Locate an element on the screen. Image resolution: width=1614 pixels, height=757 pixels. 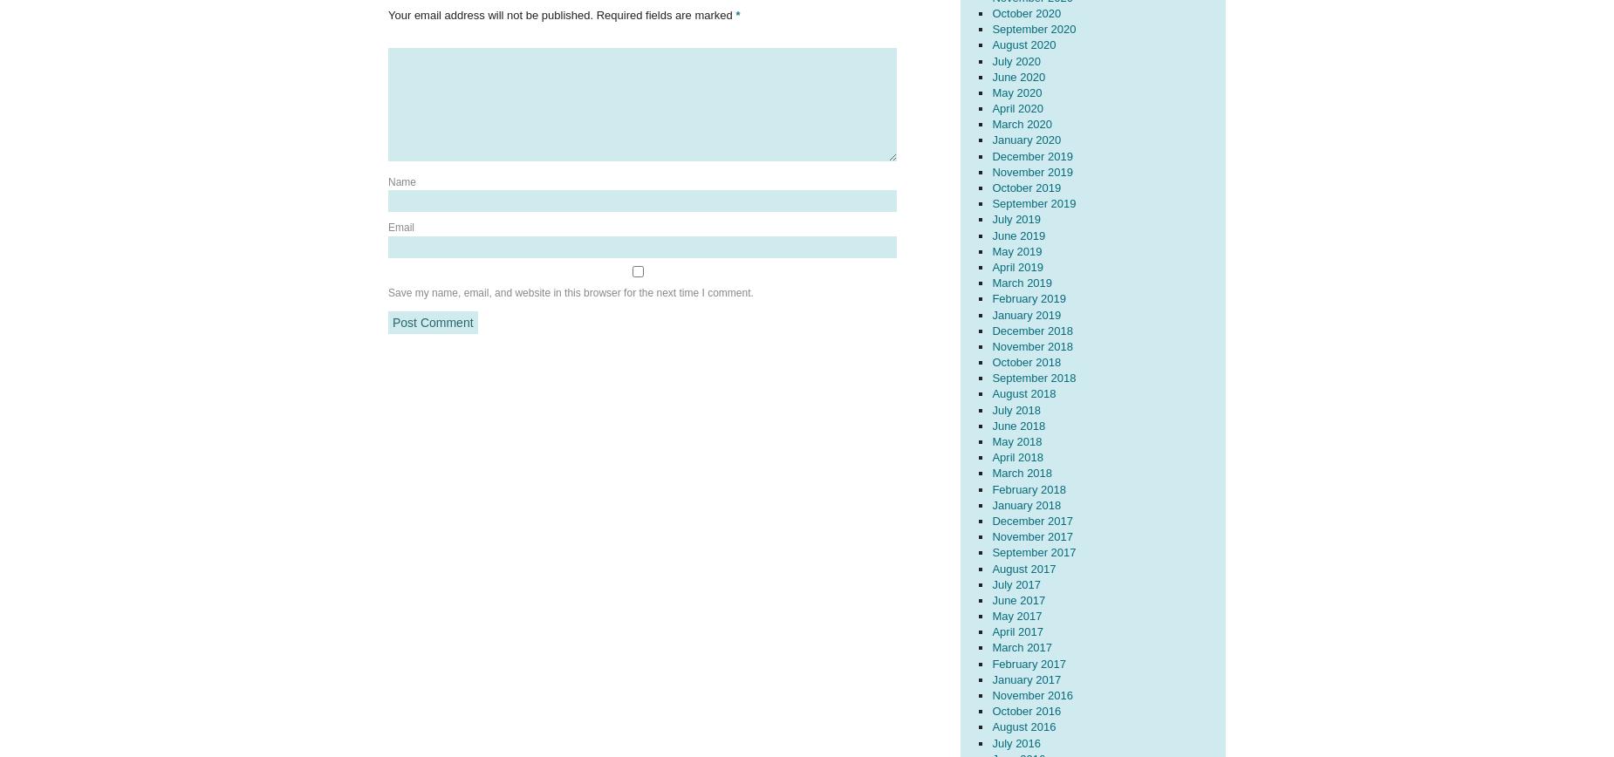
'January 2020' is located at coordinates (991, 140).